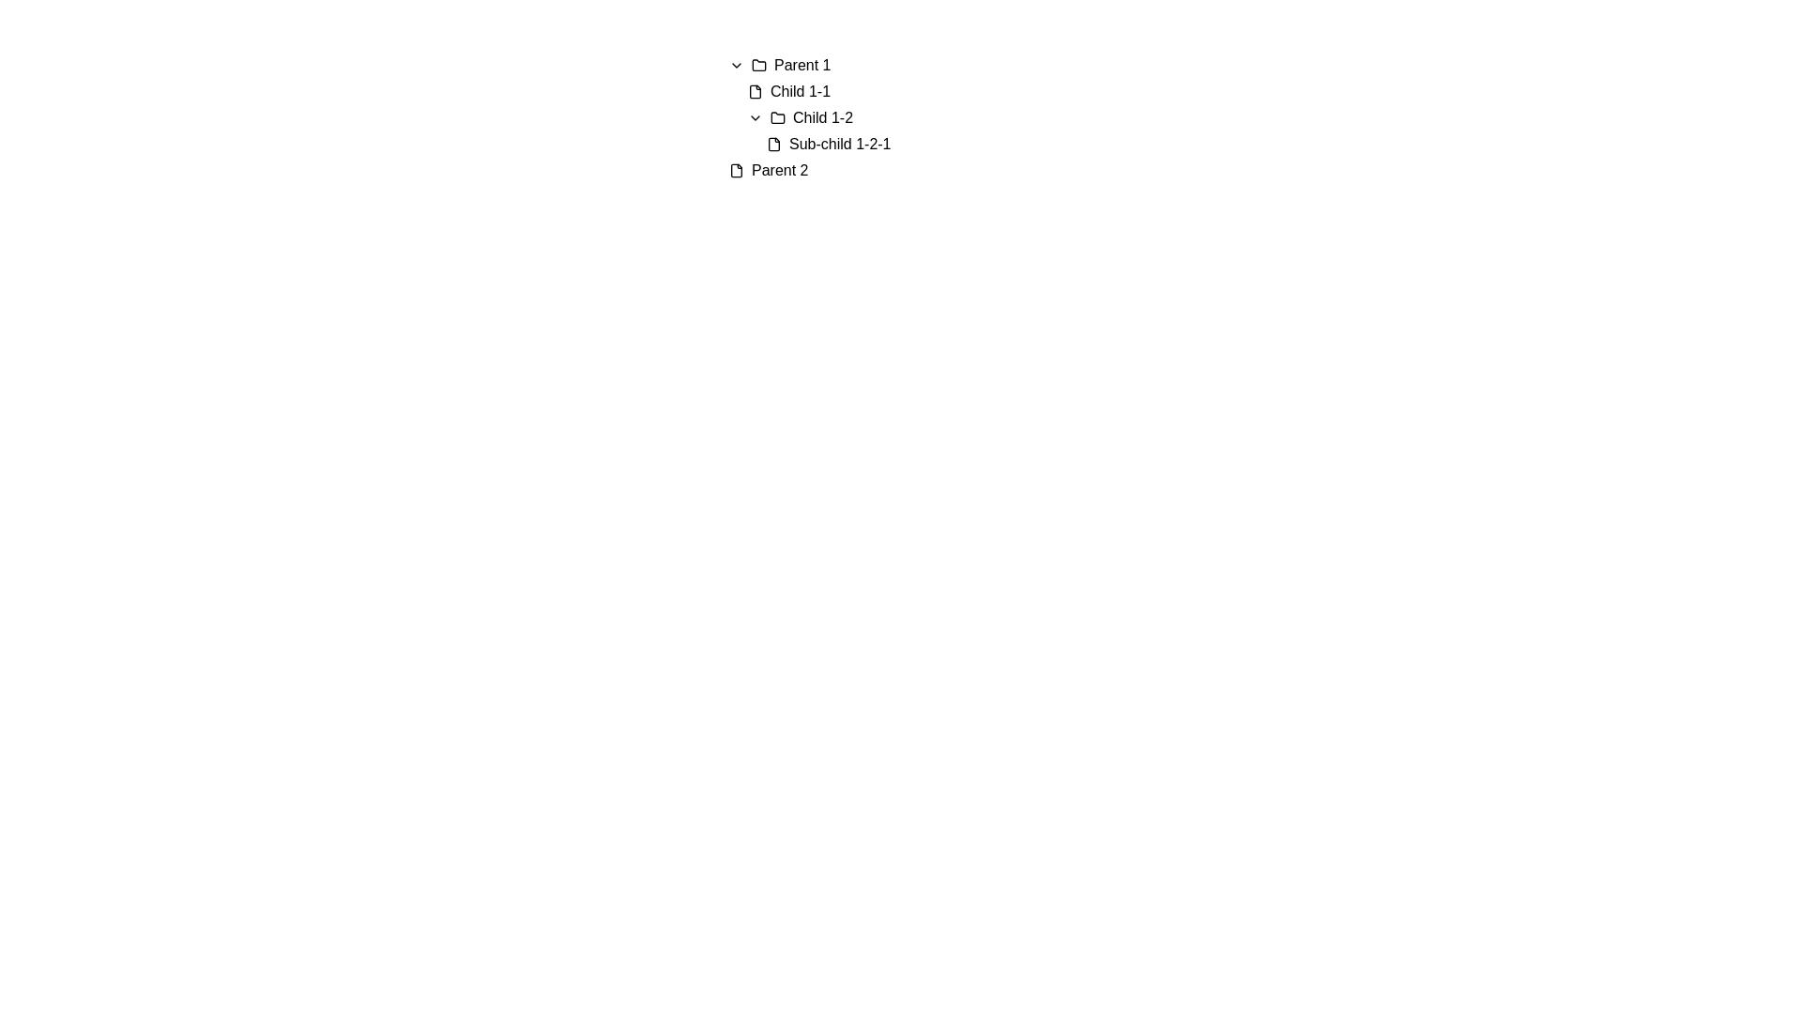 This screenshot has height=1014, width=1802. What do you see at coordinates (774, 144) in the screenshot?
I see `the main document body icon of the file graphic, which is the first part of the composite SVG element` at bounding box center [774, 144].